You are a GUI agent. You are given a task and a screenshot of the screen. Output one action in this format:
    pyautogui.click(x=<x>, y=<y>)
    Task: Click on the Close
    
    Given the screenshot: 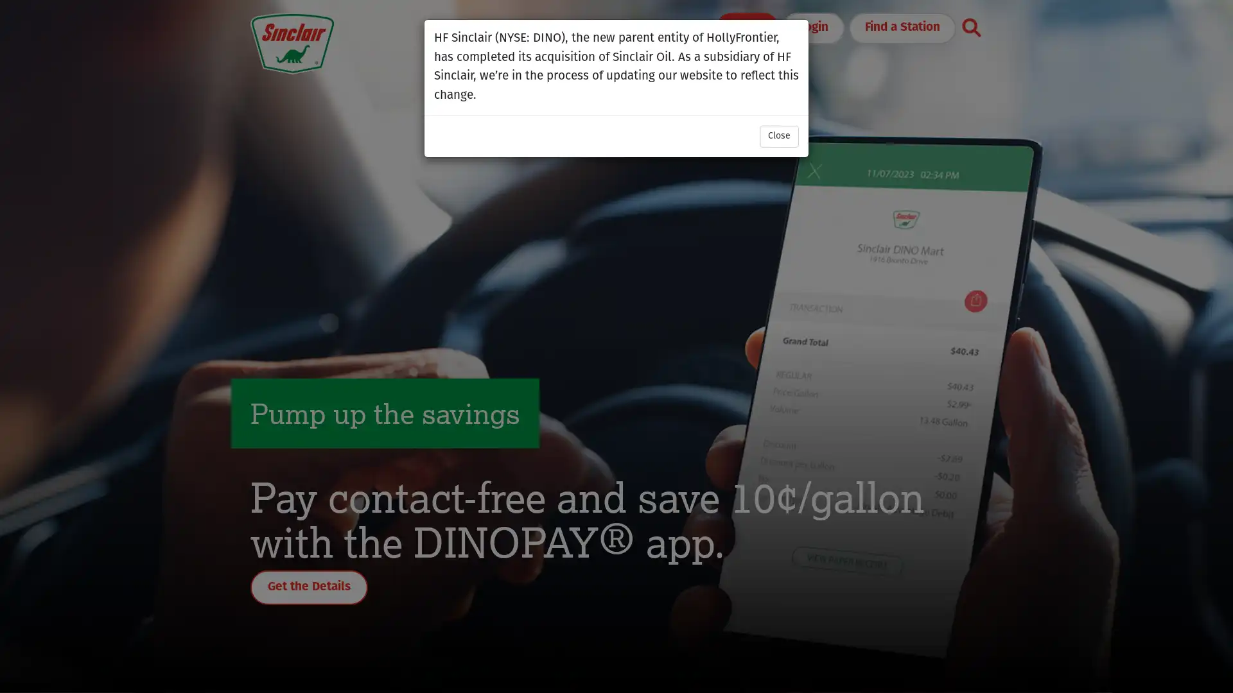 What is the action you would take?
    pyautogui.click(x=778, y=136)
    